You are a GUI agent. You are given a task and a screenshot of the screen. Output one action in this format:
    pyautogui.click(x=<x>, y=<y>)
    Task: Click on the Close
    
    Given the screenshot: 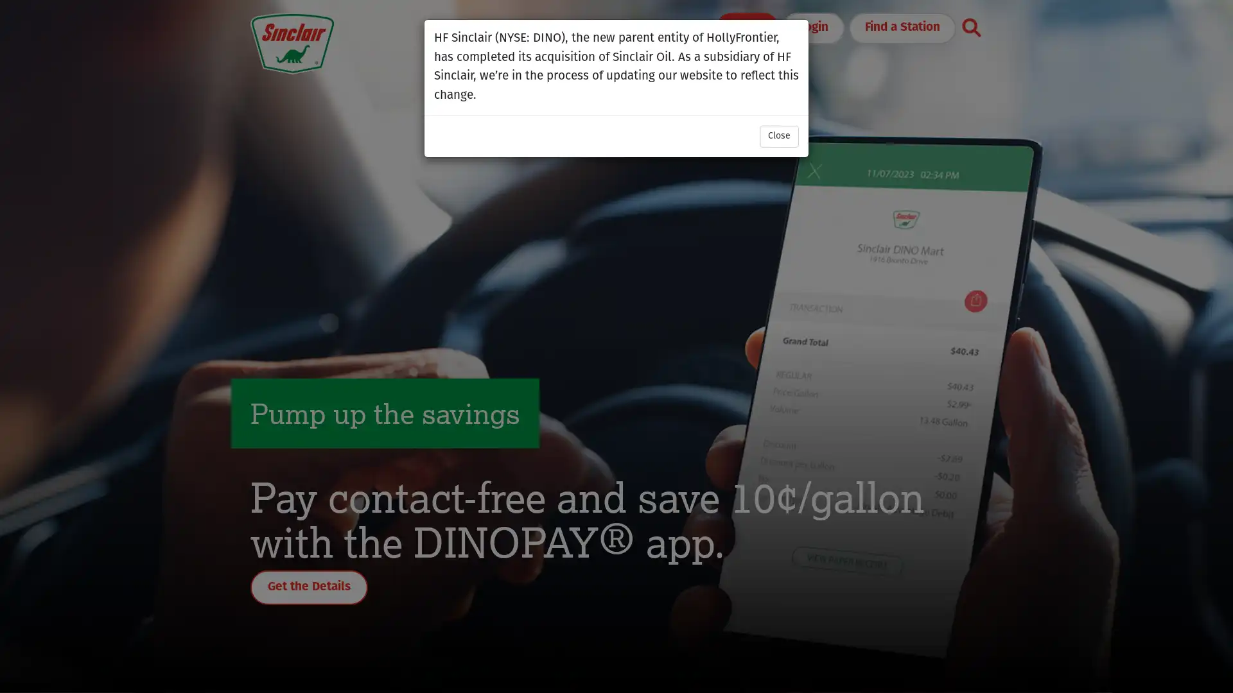 What is the action you would take?
    pyautogui.click(x=778, y=136)
    